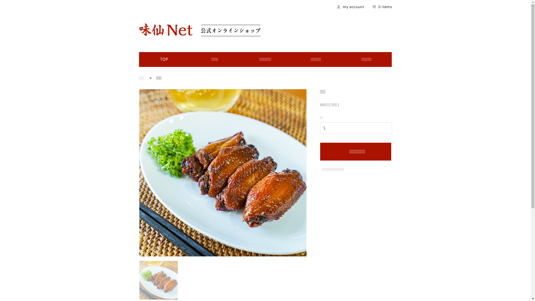  What do you see at coordinates (160, 59) in the screenshot?
I see `'TOP'` at bounding box center [160, 59].